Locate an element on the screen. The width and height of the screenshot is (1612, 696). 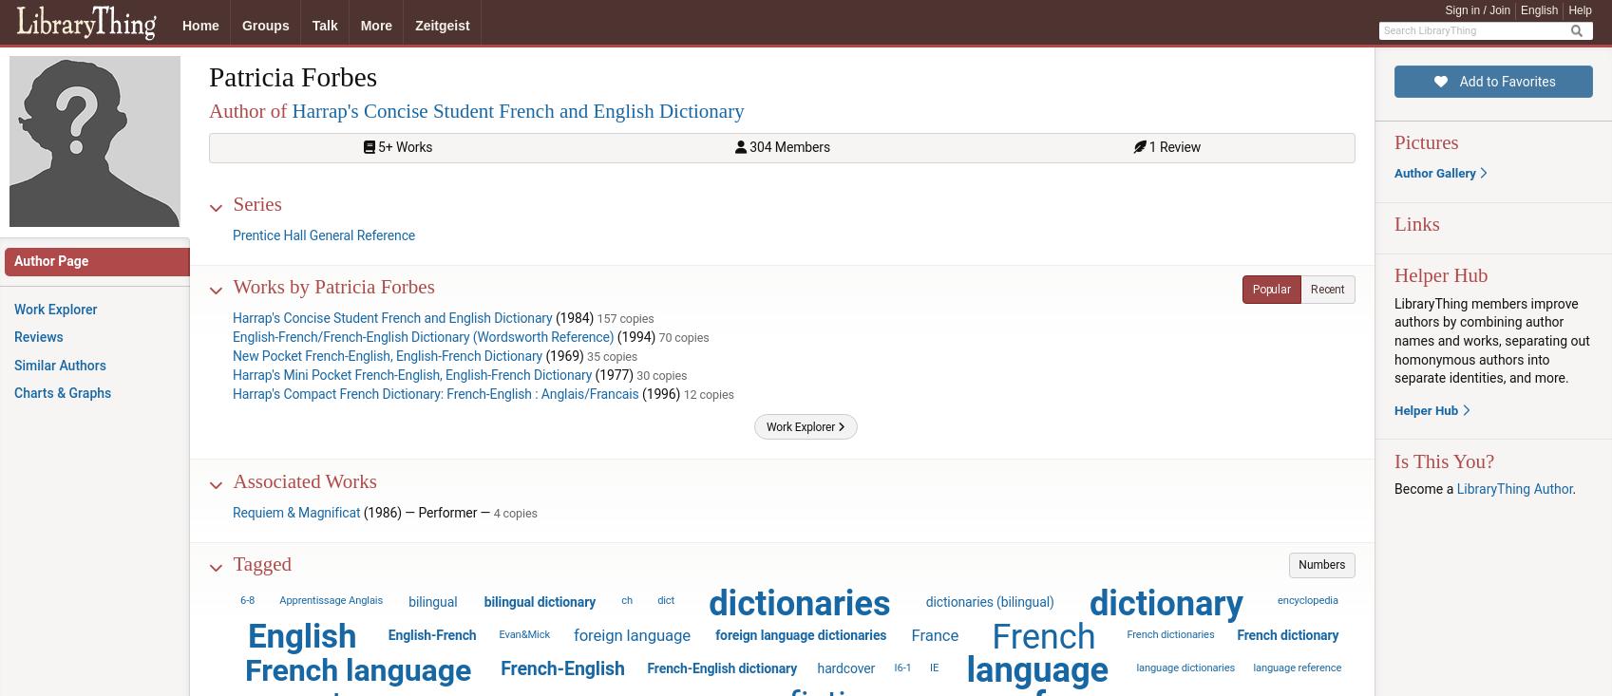
'Similar Authors' is located at coordinates (13, 365).